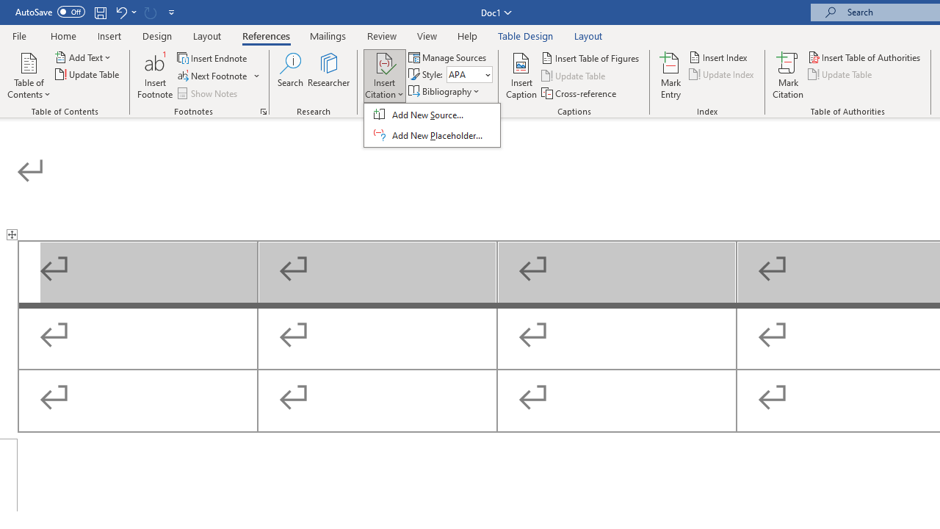 The image size is (940, 529). Describe the element at coordinates (208, 93) in the screenshot. I see `'Show Notes'` at that location.